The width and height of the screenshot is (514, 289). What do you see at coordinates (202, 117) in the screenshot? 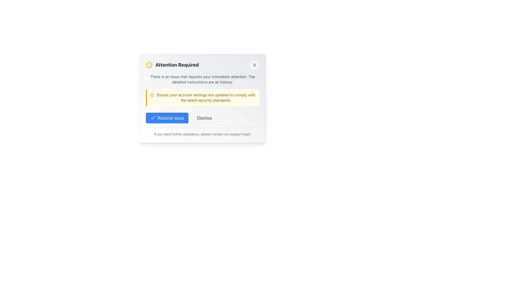
I see `the dismiss button located at the rightmost position of the button group at the bottom of the card interface` at bounding box center [202, 117].